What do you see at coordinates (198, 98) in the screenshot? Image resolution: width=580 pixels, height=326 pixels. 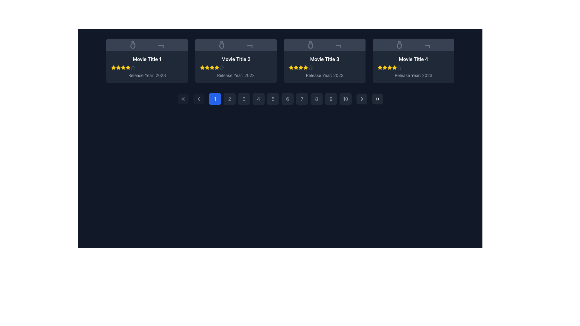 I see `the button with a rounded rectangle shape, dark gray background, and a left-pointing chevron icon` at bounding box center [198, 98].